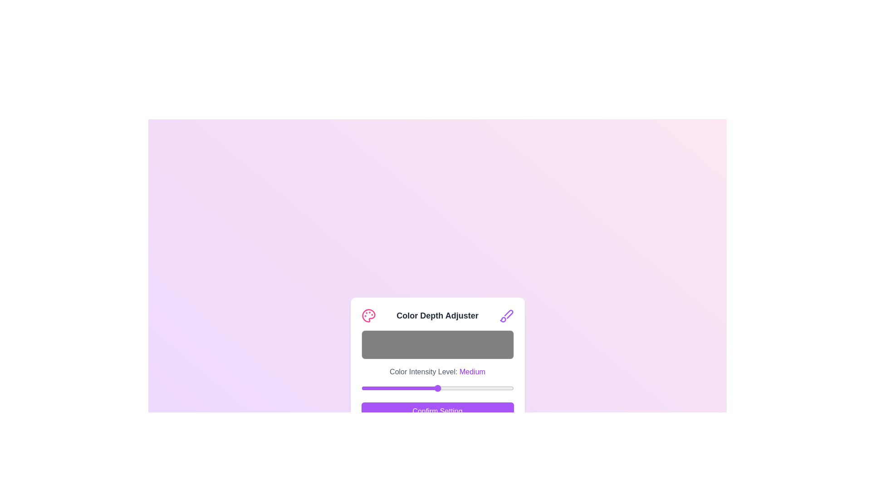  What do you see at coordinates (368, 315) in the screenshot?
I see `the palette icon to access color palette settings` at bounding box center [368, 315].